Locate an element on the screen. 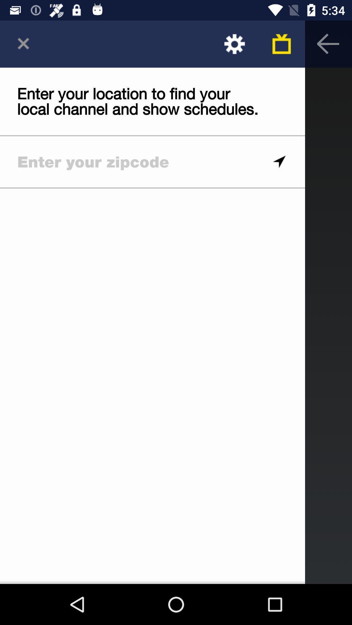 The width and height of the screenshot is (352, 625). the navigation icon is located at coordinates (279, 162).